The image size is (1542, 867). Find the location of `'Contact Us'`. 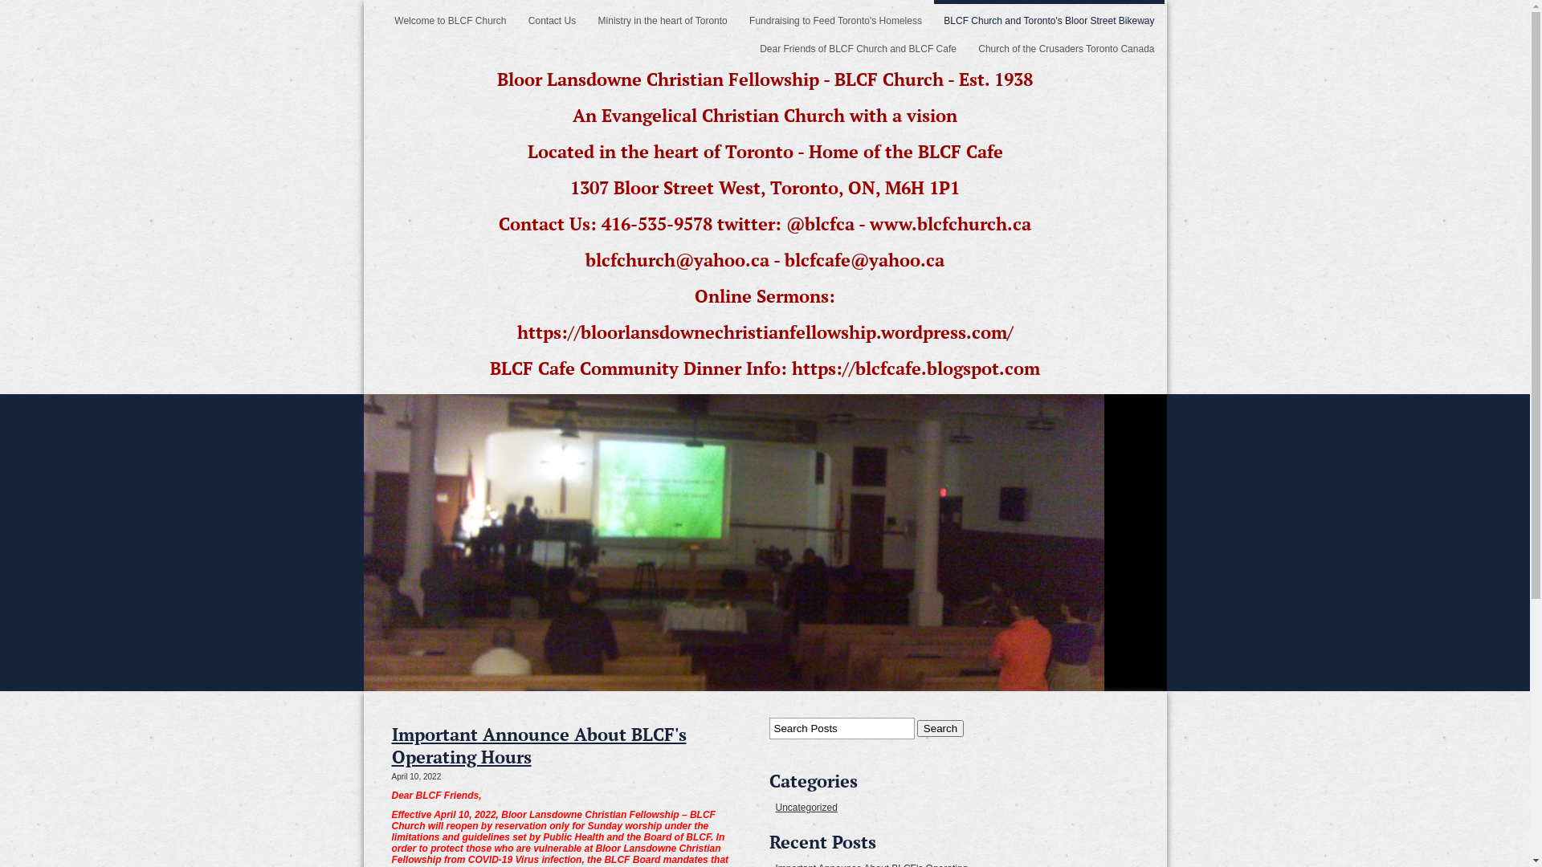

'Contact Us' is located at coordinates (552, 16).